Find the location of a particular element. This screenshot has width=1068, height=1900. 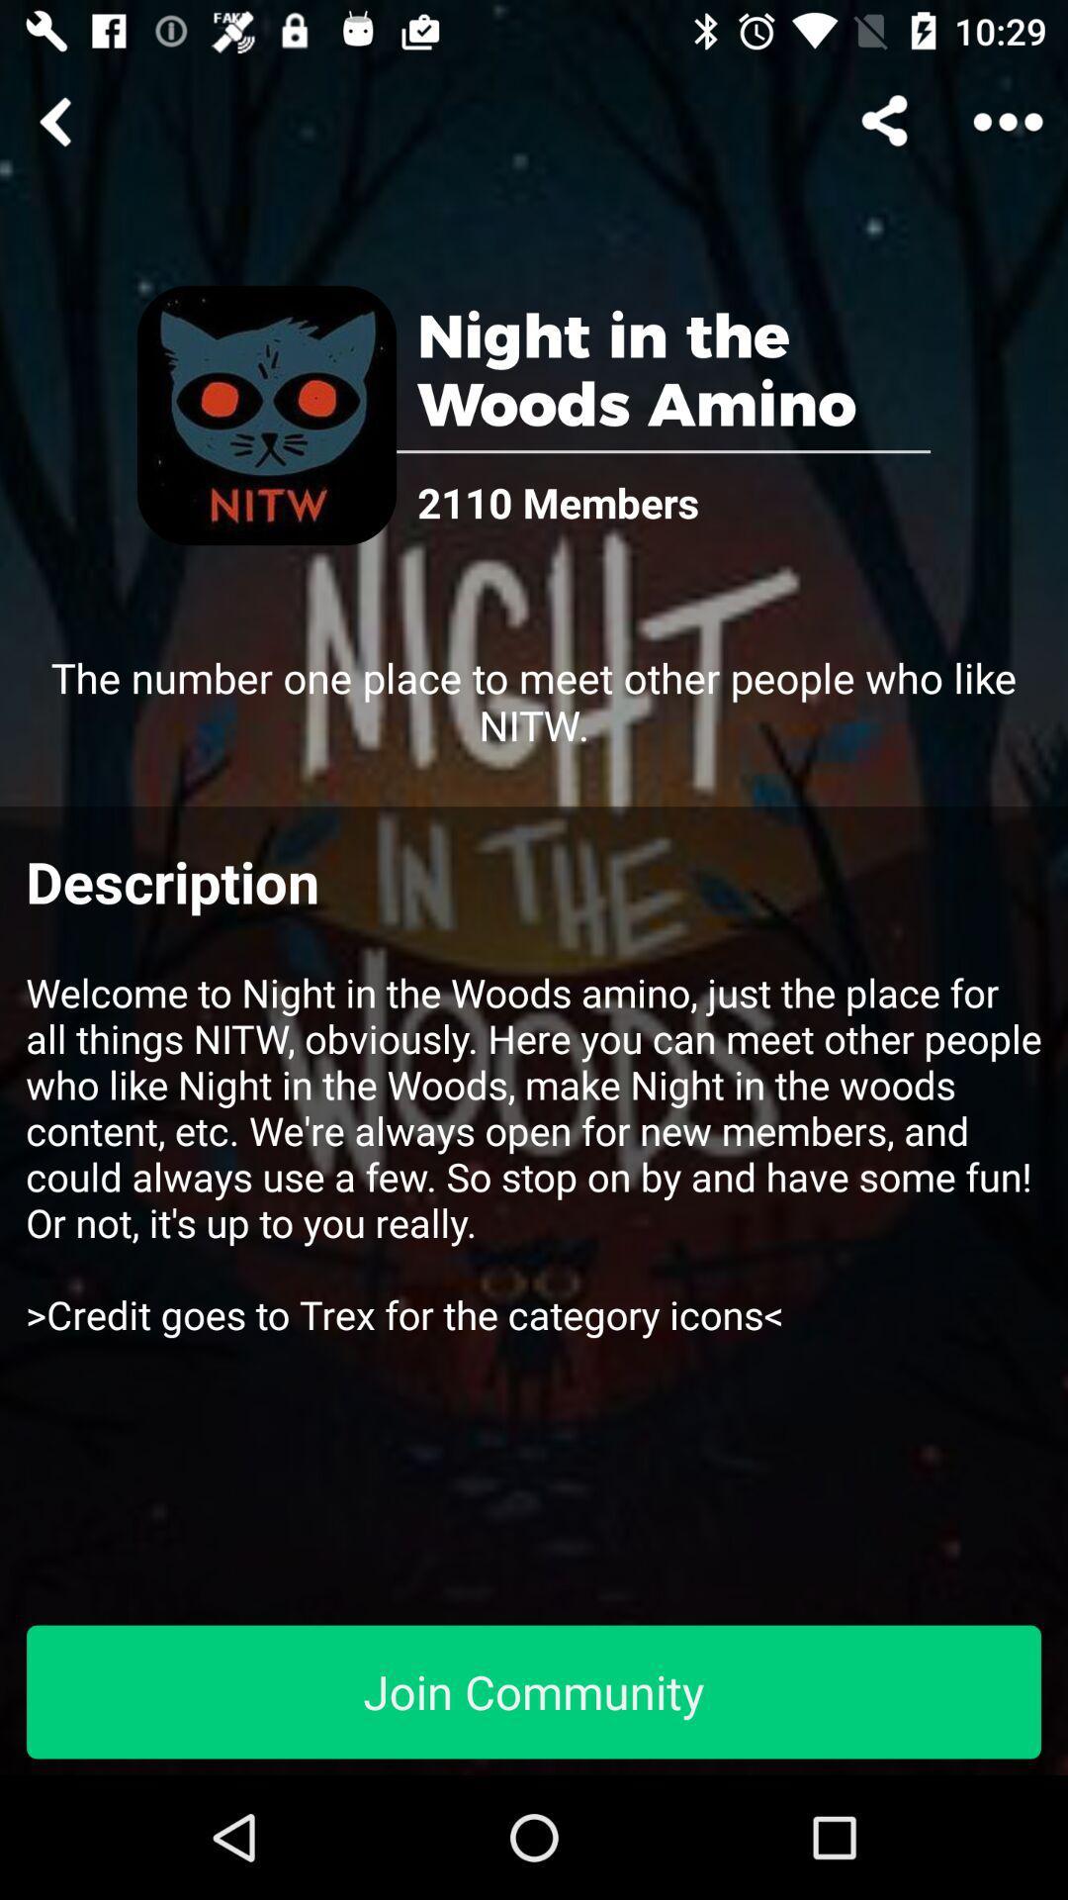

the share icon is located at coordinates (887, 121).